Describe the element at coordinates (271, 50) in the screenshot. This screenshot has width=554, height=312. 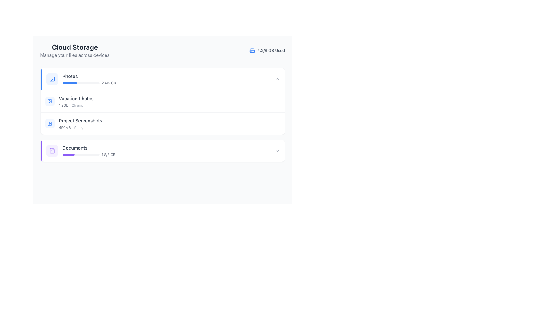
I see `the text label displaying '4.2/8 GB Used', which is located beside a blue hard drive icon in the top-right corner of the interface` at that location.